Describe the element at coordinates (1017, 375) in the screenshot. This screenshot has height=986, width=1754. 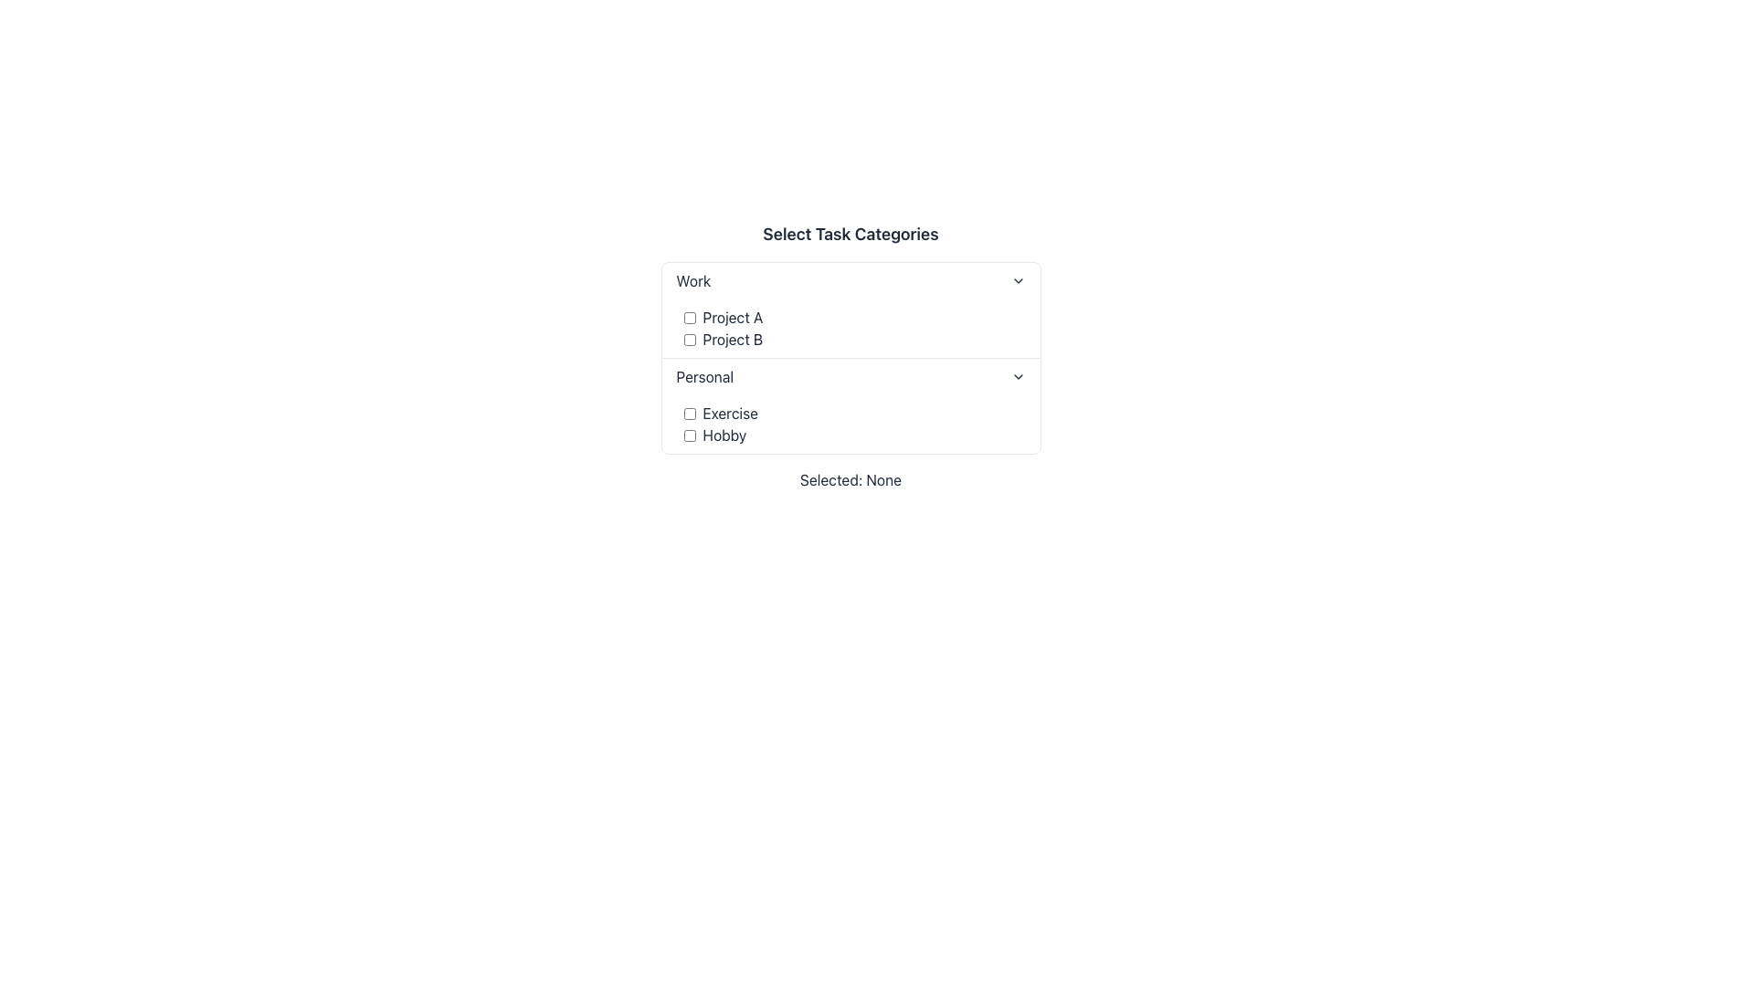
I see `the icon located to the right of the 'Personal' text in the 'Select Task Categories' panel` at that location.